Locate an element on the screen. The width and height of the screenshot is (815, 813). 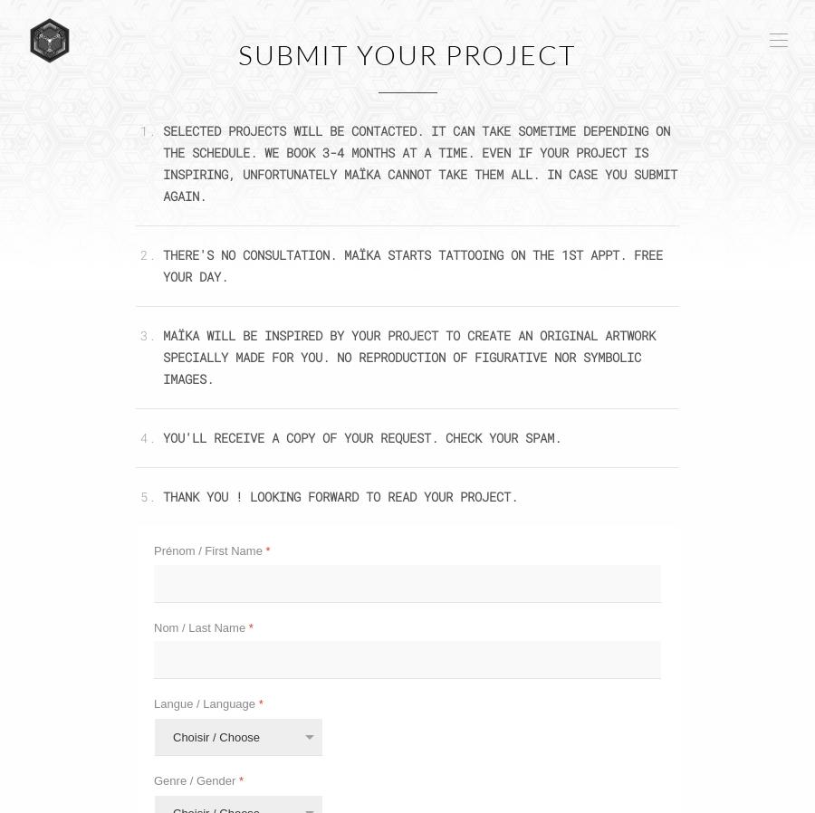
'MAÏKA WILL BE INSPIRED BY YOUR PROJECT TO CREATE AN ORIGINAL ARTWORK SPECIALLY MADE FOR YOU. NO REPRODUCTION OF FIGURATIVE NOR SYMBOLIC IMAGES.' is located at coordinates (407, 356).